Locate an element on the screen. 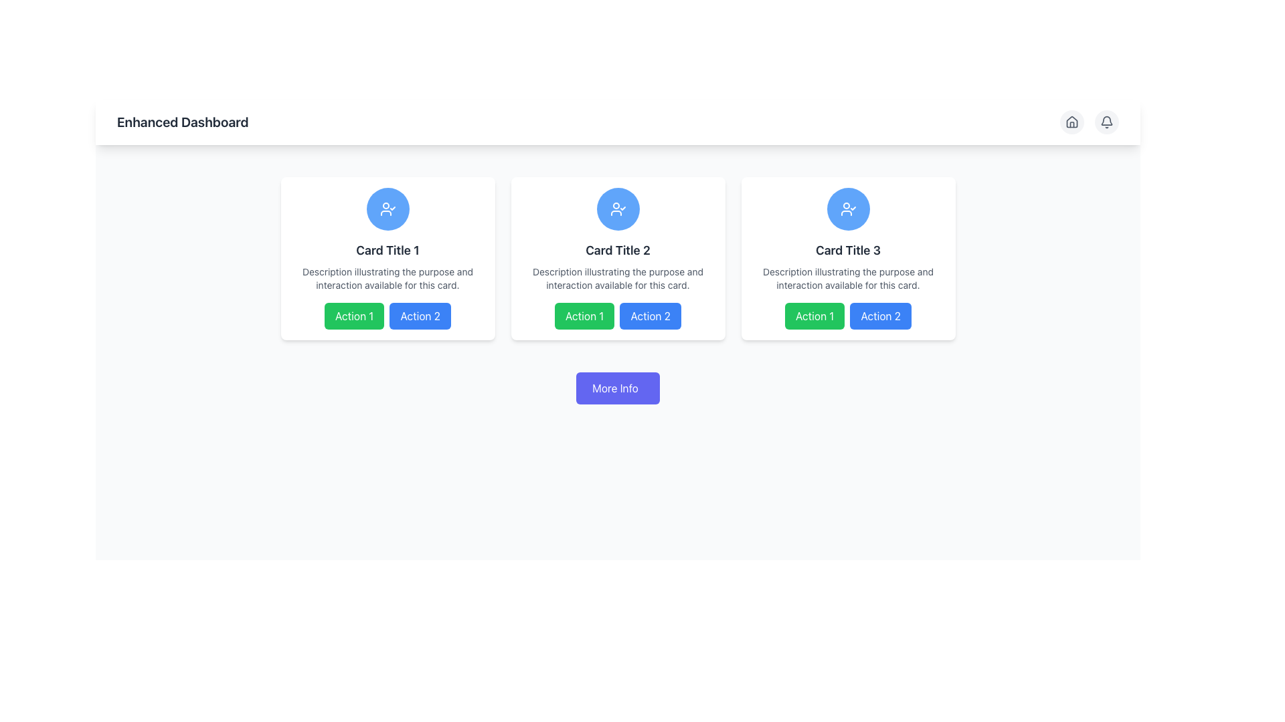 This screenshot has width=1285, height=722. the blue button labeled 'Action 2' located in 'Card Title 3' section is located at coordinates (880, 316).